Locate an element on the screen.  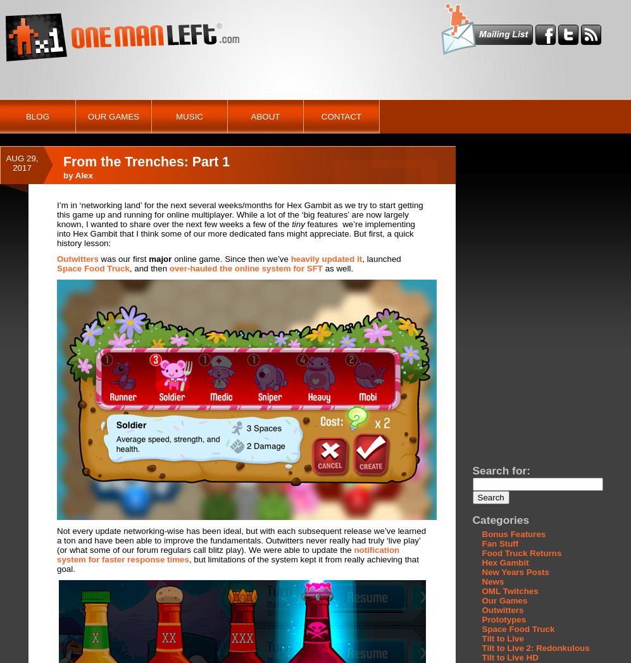
'heavily updated it' is located at coordinates (325, 259).